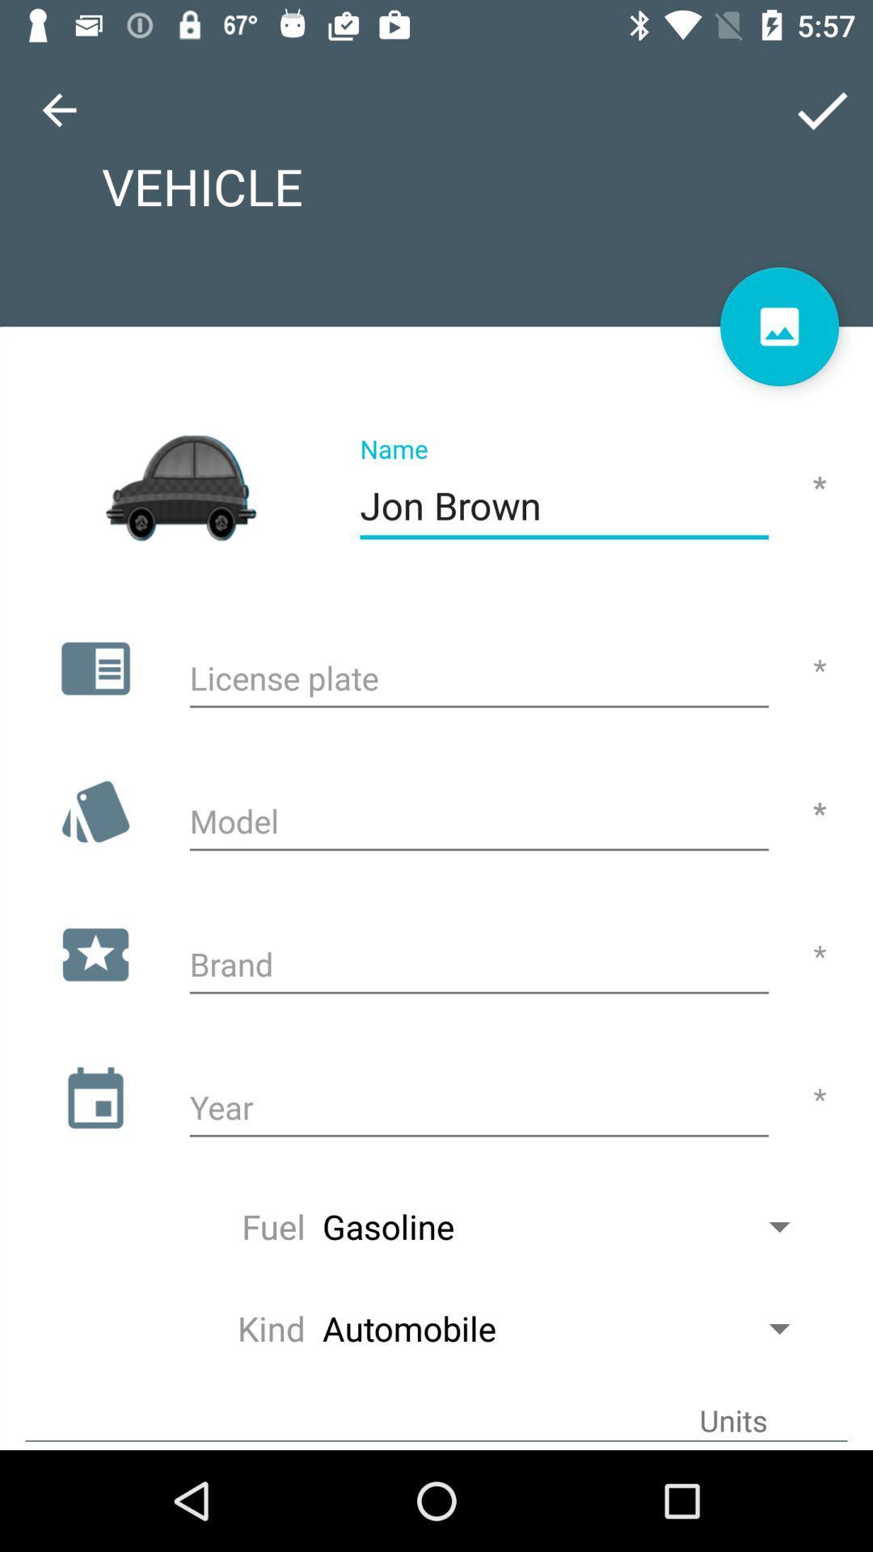 This screenshot has height=1552, width=873. Describe the element at coordinates (478, 967) in the screenshot. I see `brand` at that location.